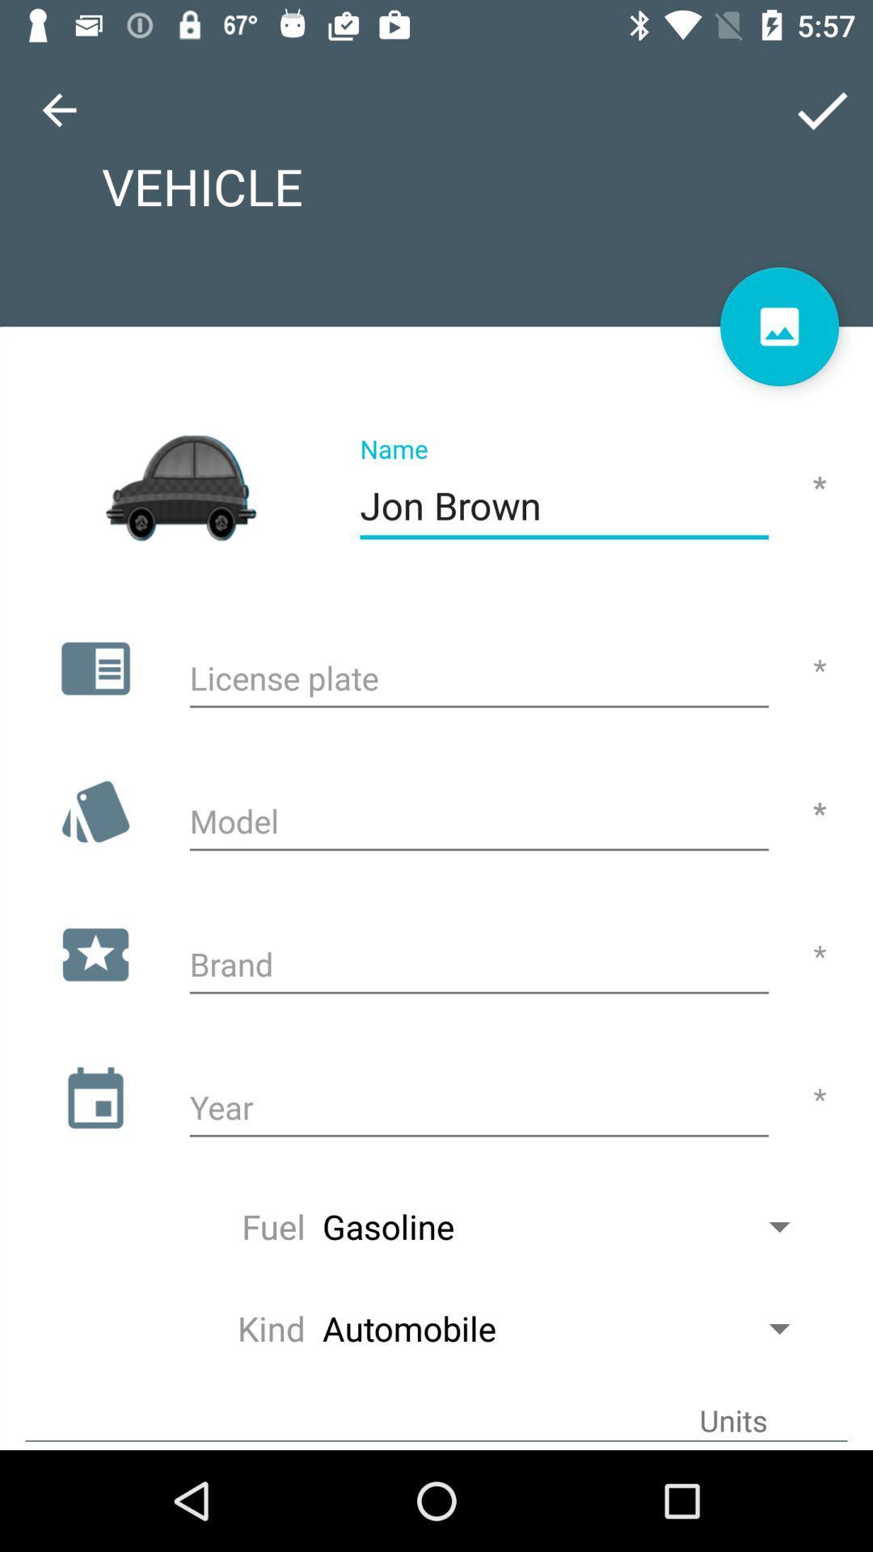 This screenshot has height=1552, width=873. Describe the element at coordinates (478, 967) in the screenshot. I see `brand` at that location.